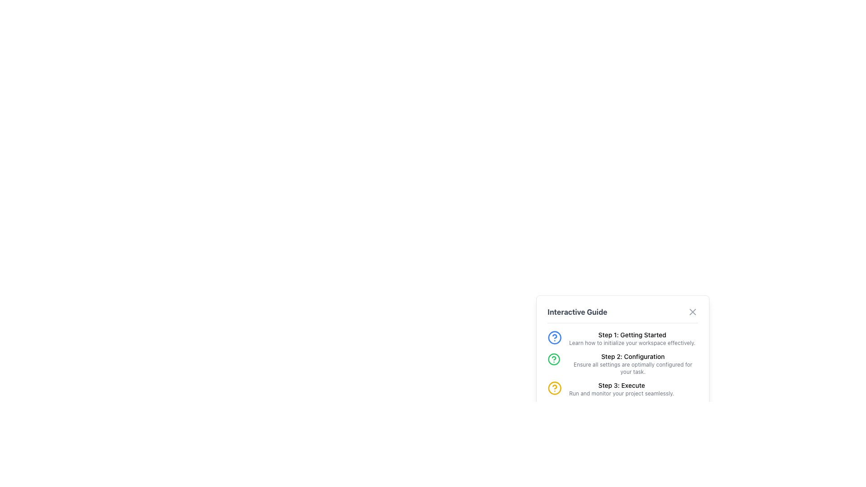 The height and width of the screenshot is (487, 866). I want to click on the text label displaying 'Step 3: Execute', which is the third item in the numbered list under the 'Interactive Guide' section, so click(621, 386).